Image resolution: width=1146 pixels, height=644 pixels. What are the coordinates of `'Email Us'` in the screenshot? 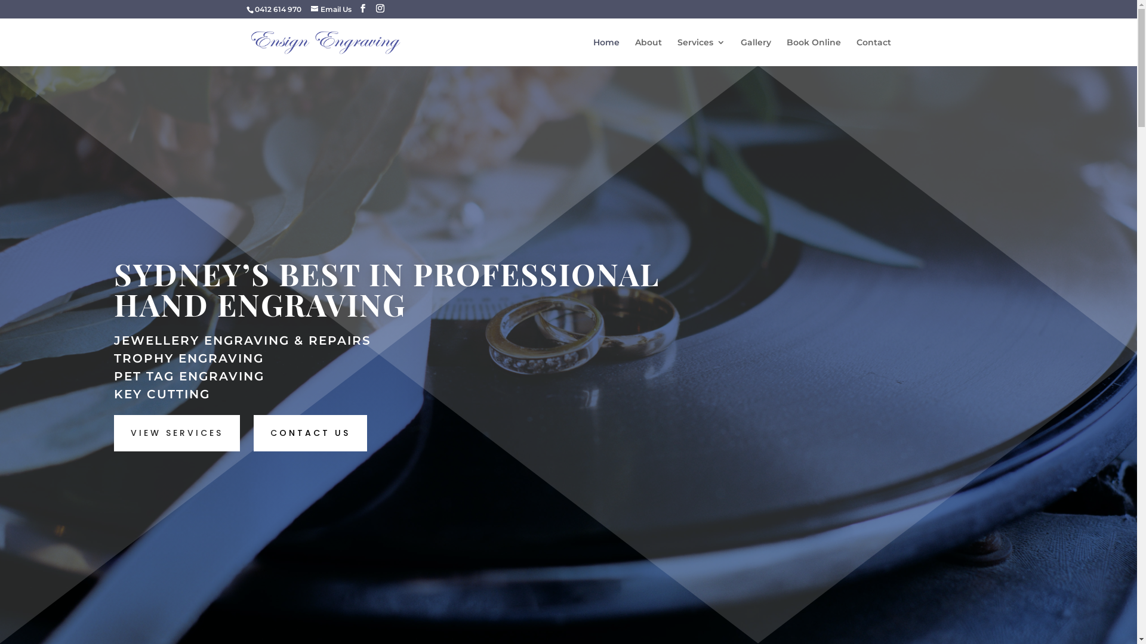 It's located at (330, 9).